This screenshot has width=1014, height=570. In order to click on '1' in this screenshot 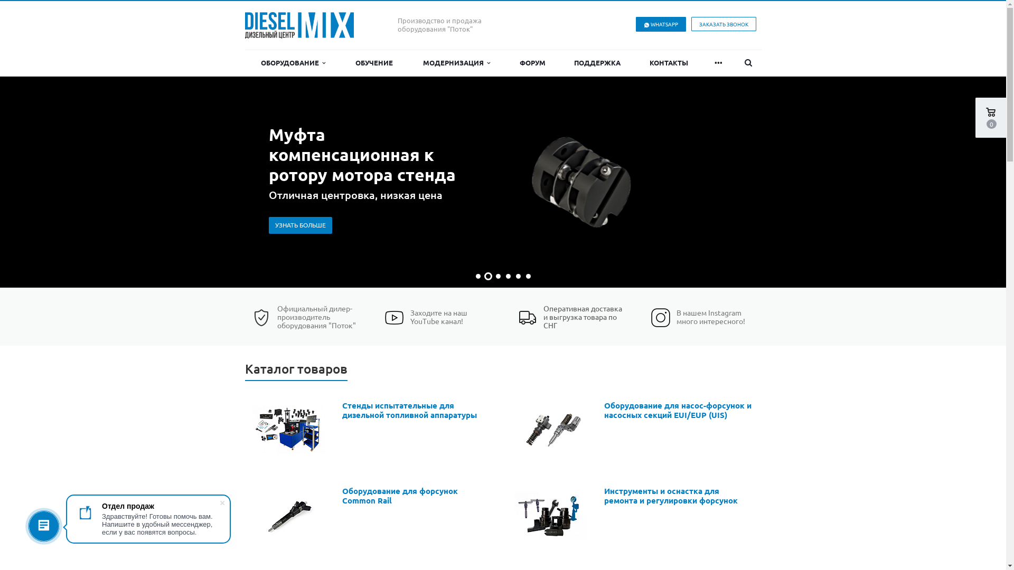, I will do `click(477, 275)`.